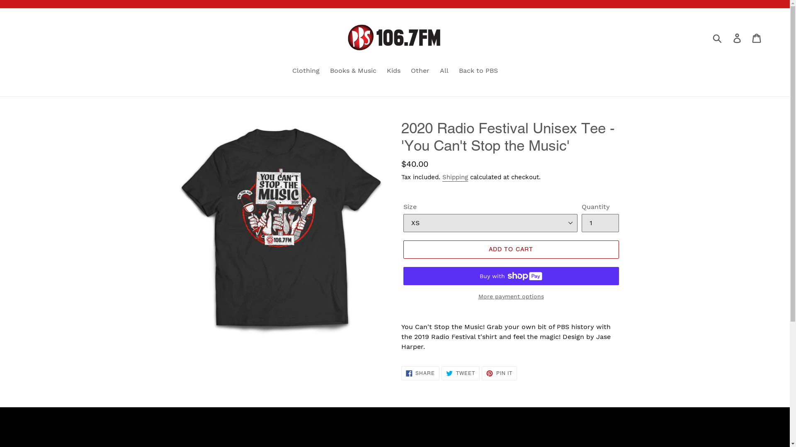  Describe the element at coordinates (420, 71) in the screenshot. I see `'Other'` at that location.